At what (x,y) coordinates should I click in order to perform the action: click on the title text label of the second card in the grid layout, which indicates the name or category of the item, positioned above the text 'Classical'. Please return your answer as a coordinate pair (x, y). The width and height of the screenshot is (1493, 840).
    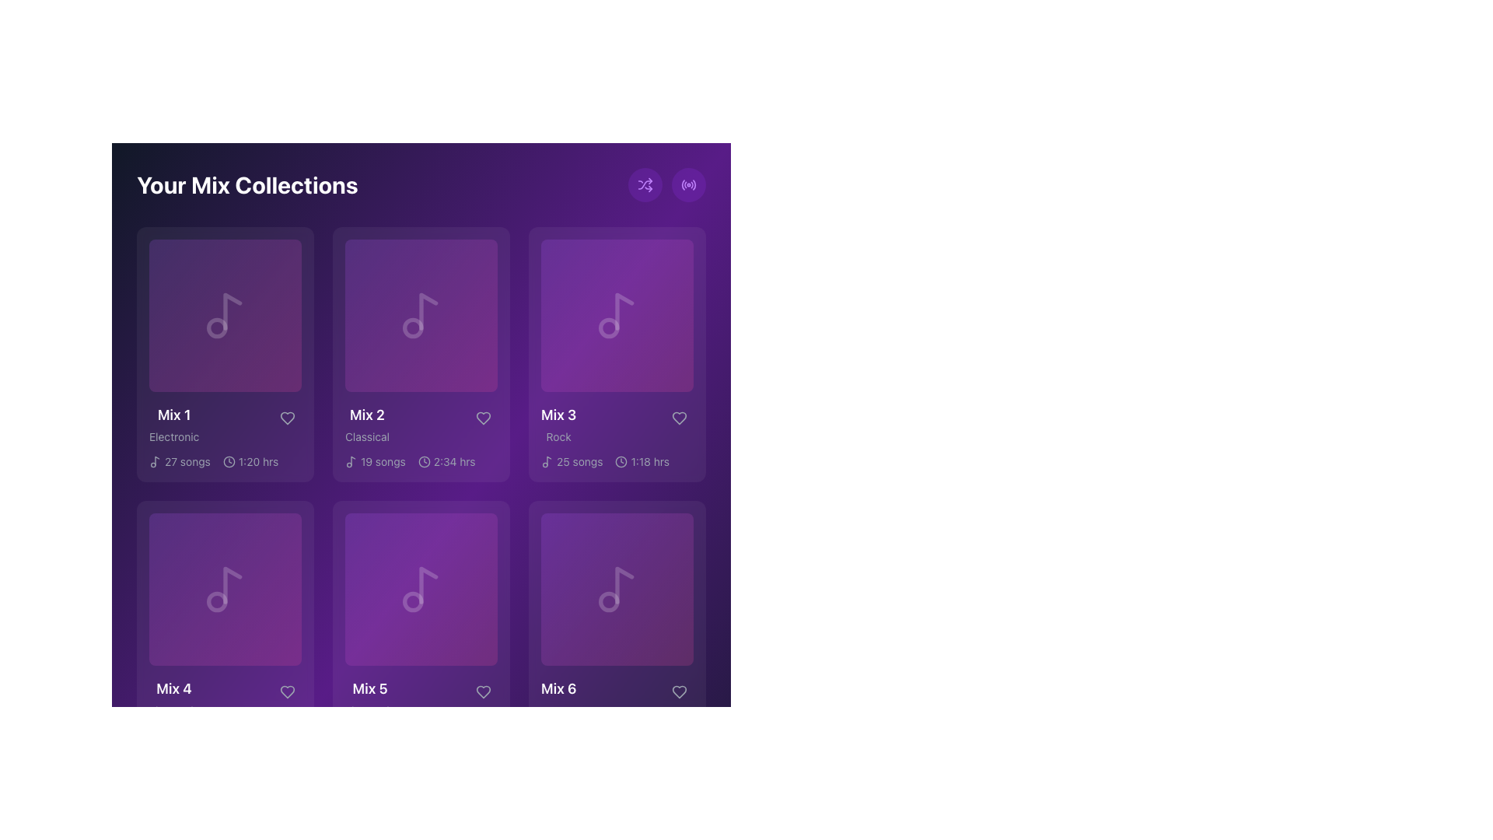
    Looking at the image, I should click on (366, 414).